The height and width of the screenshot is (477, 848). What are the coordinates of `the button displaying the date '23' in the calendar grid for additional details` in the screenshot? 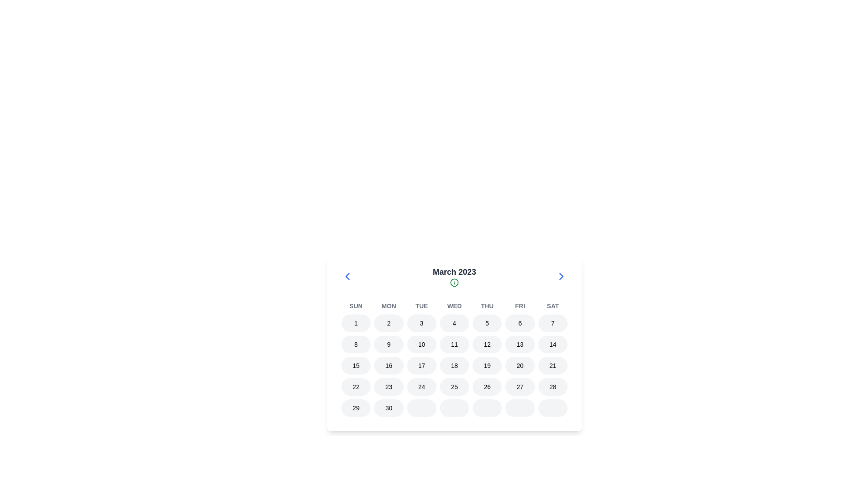 It's located at (389, 386).